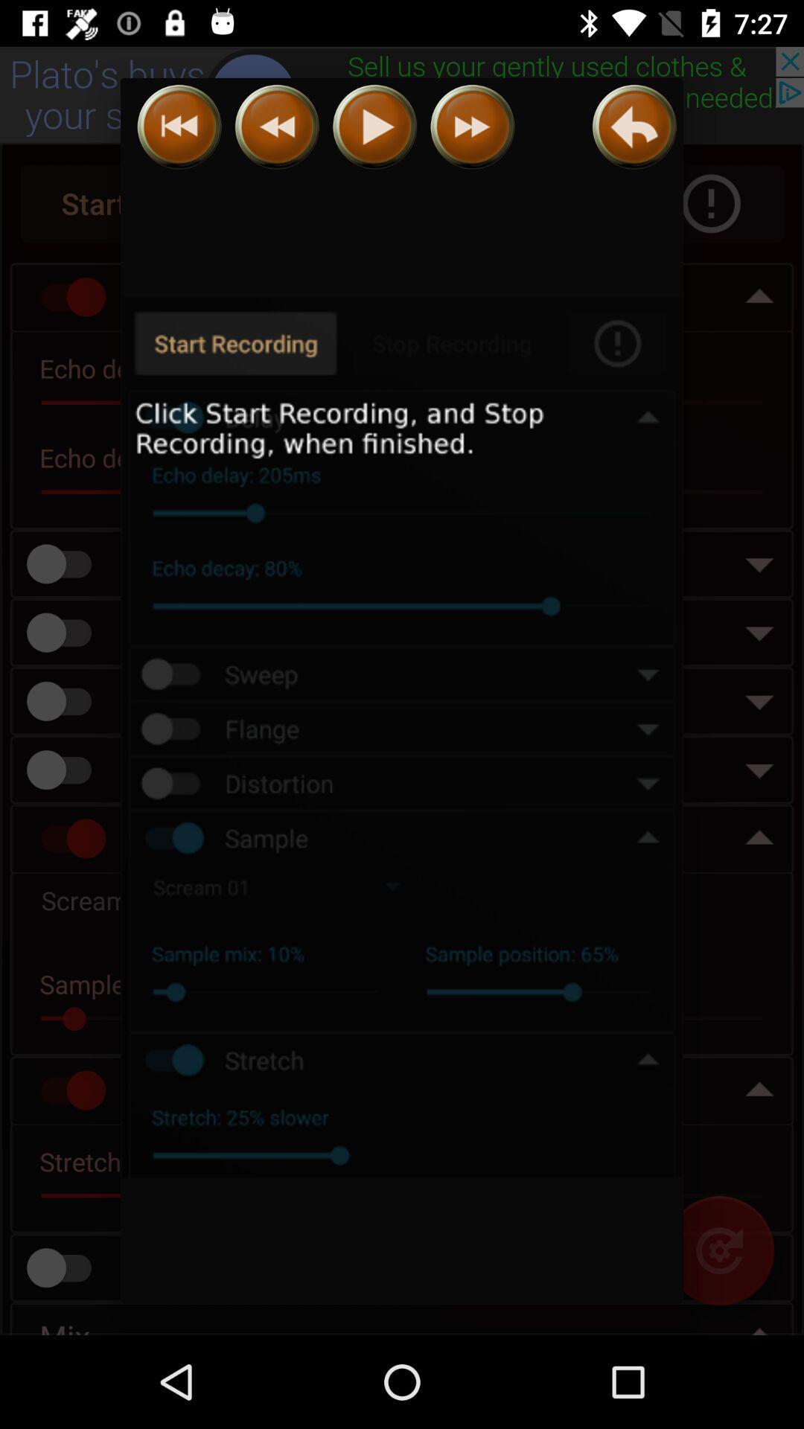  What do you see at coordinates (277, 127) in the screenshot?
I see `previous` at bounding box center [277, 127].